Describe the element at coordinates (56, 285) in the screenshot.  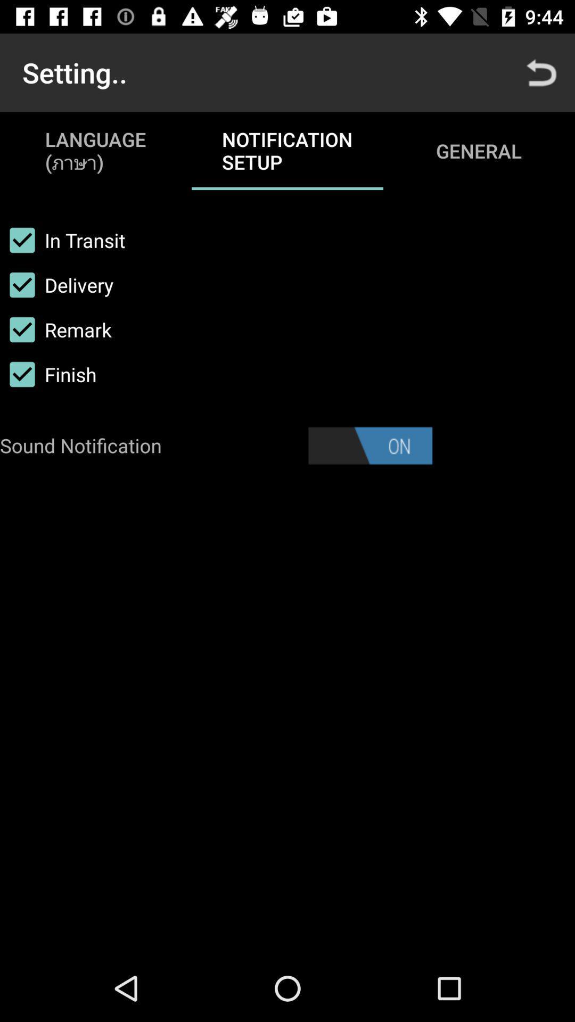
I see `icon above the remark item` at that location.